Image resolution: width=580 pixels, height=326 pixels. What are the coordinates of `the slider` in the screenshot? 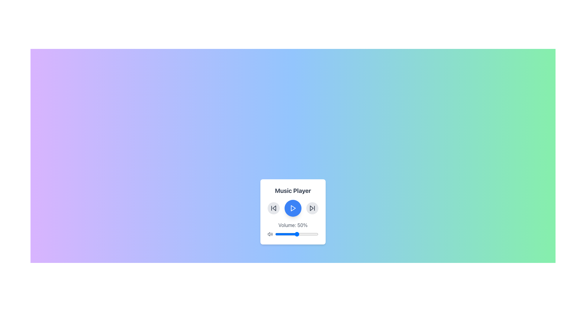 It's located at (282, 234).